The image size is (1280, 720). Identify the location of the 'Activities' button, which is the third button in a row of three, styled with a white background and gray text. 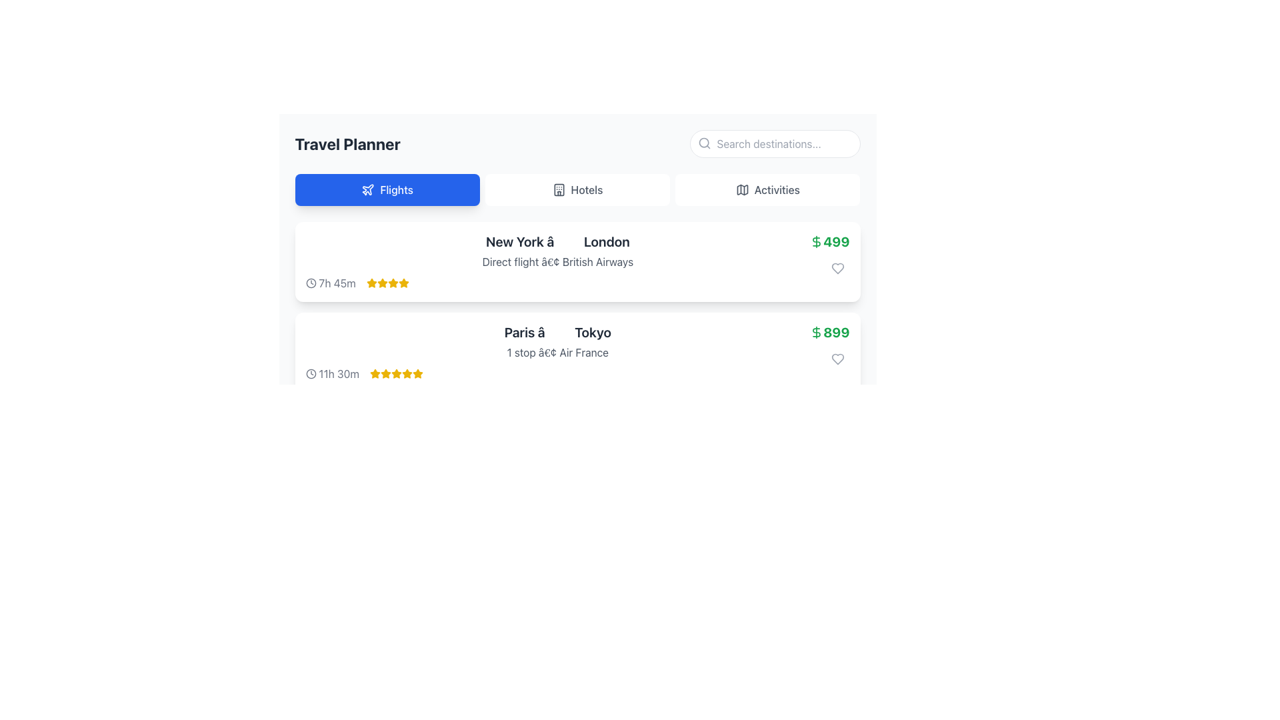
(767, 190).